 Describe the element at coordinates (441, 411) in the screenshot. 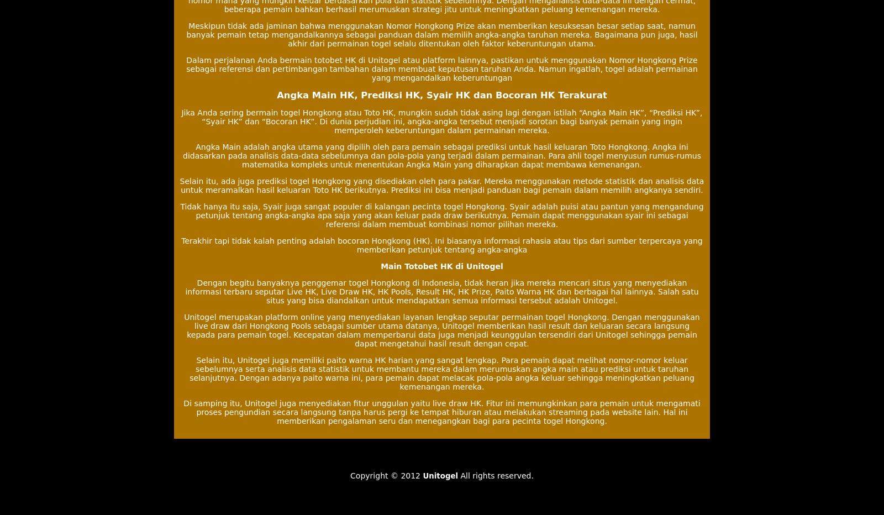

I see `'Di samping itu, Unitogel juga menyediakan fitur unggulan yaitu live draw HK. Fitur ini memungkinkan para pemain untuk mengamati proses pengundian secara langsung tanpa harus pergi ke tempat hiburan atau melakukan streaming pada website lain. Hal ini memberikan pengalaman seru dan menegangkan bagi para pecinta togel Hongkong.'` at that location.